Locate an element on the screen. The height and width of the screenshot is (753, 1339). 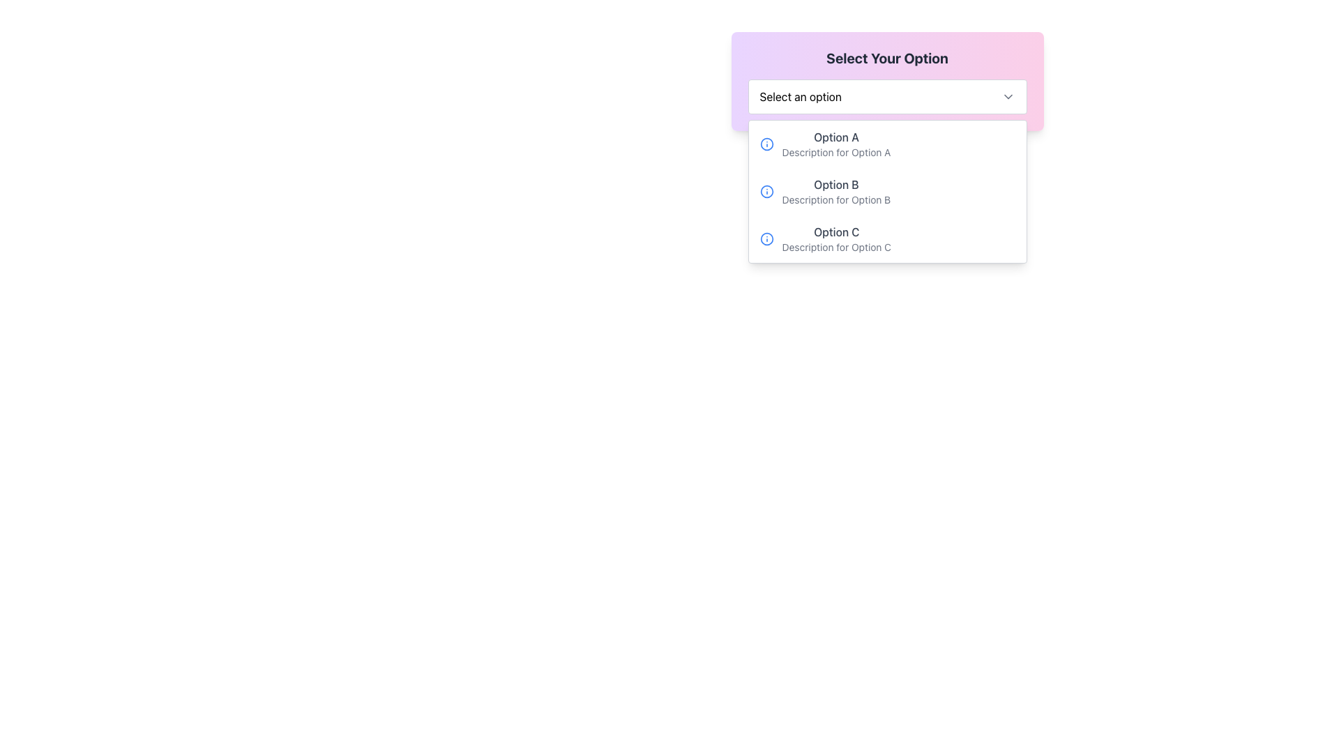
the information icon located to the left of the text description for 'Option B' in the dropdown menu is located at coordinates (766, 191).